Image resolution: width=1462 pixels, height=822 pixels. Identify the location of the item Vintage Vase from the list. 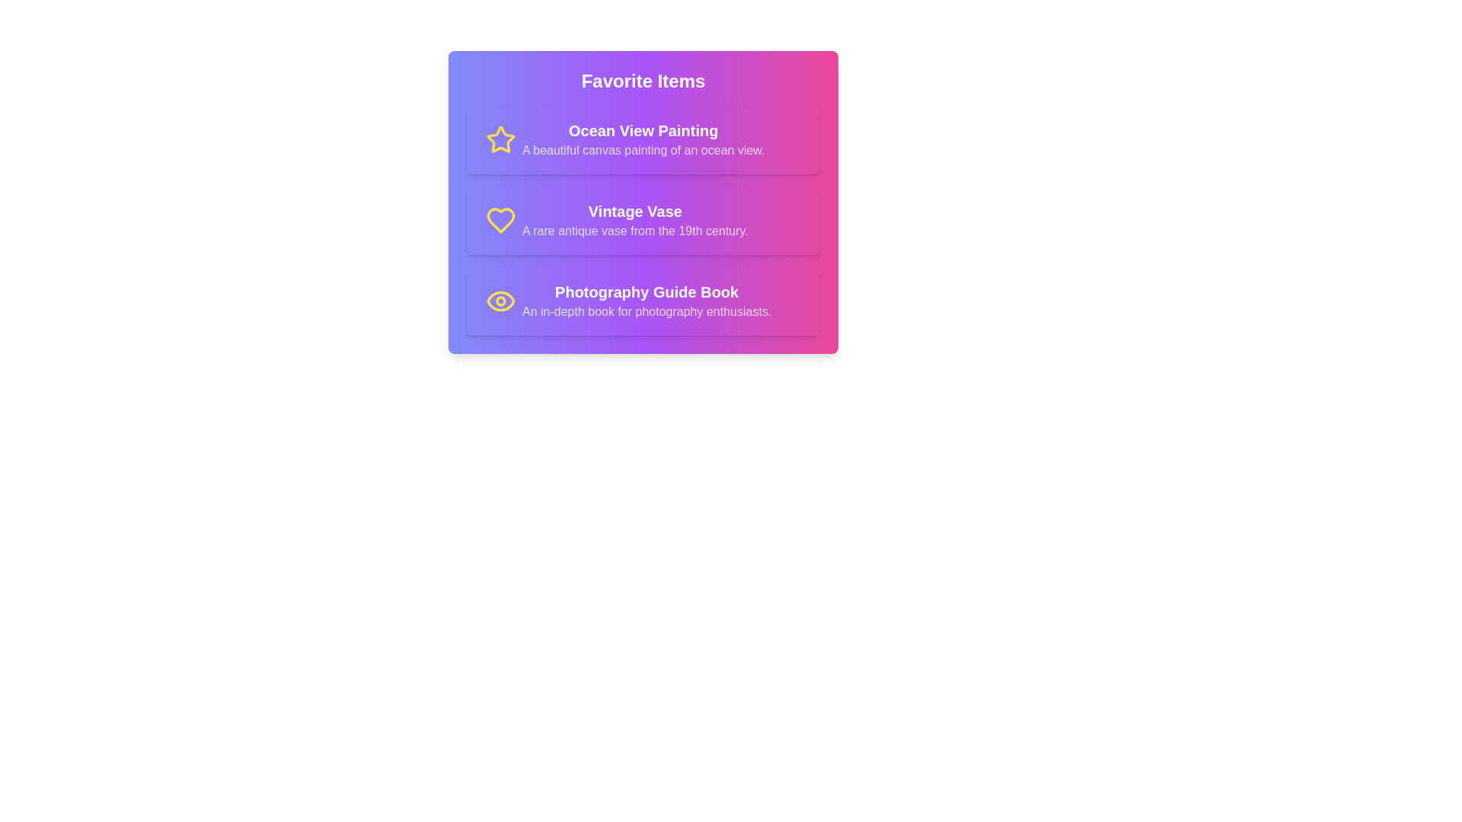
(643, 220).